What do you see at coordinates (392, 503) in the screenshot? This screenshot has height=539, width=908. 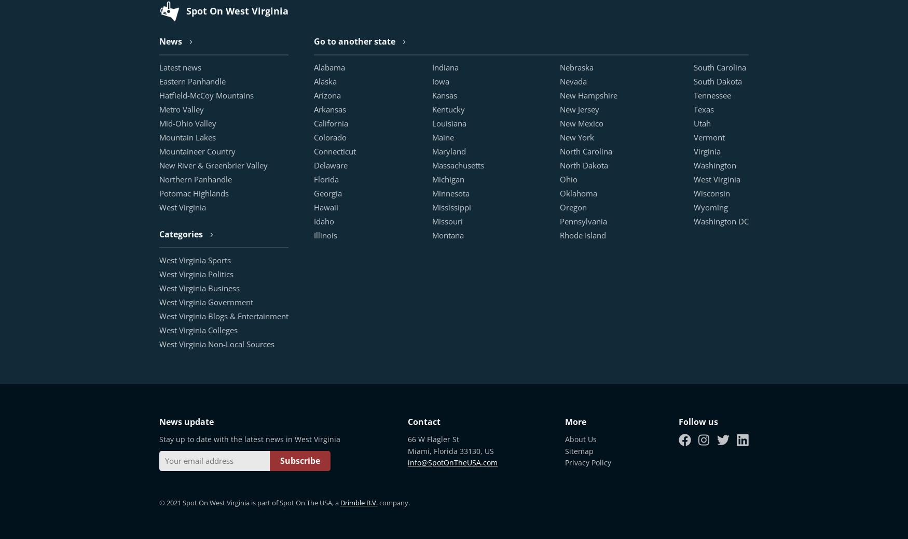 I see `'company.'` at bounding box center [392, 503].